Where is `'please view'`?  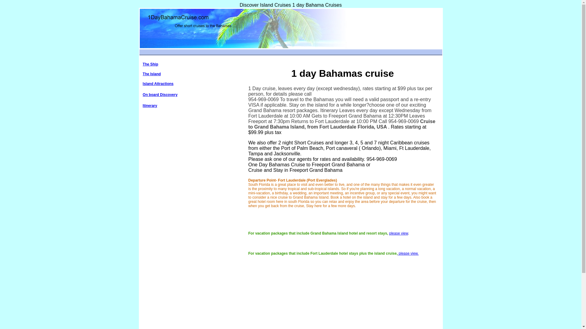
'please view' is located at coordinates (398, 233).